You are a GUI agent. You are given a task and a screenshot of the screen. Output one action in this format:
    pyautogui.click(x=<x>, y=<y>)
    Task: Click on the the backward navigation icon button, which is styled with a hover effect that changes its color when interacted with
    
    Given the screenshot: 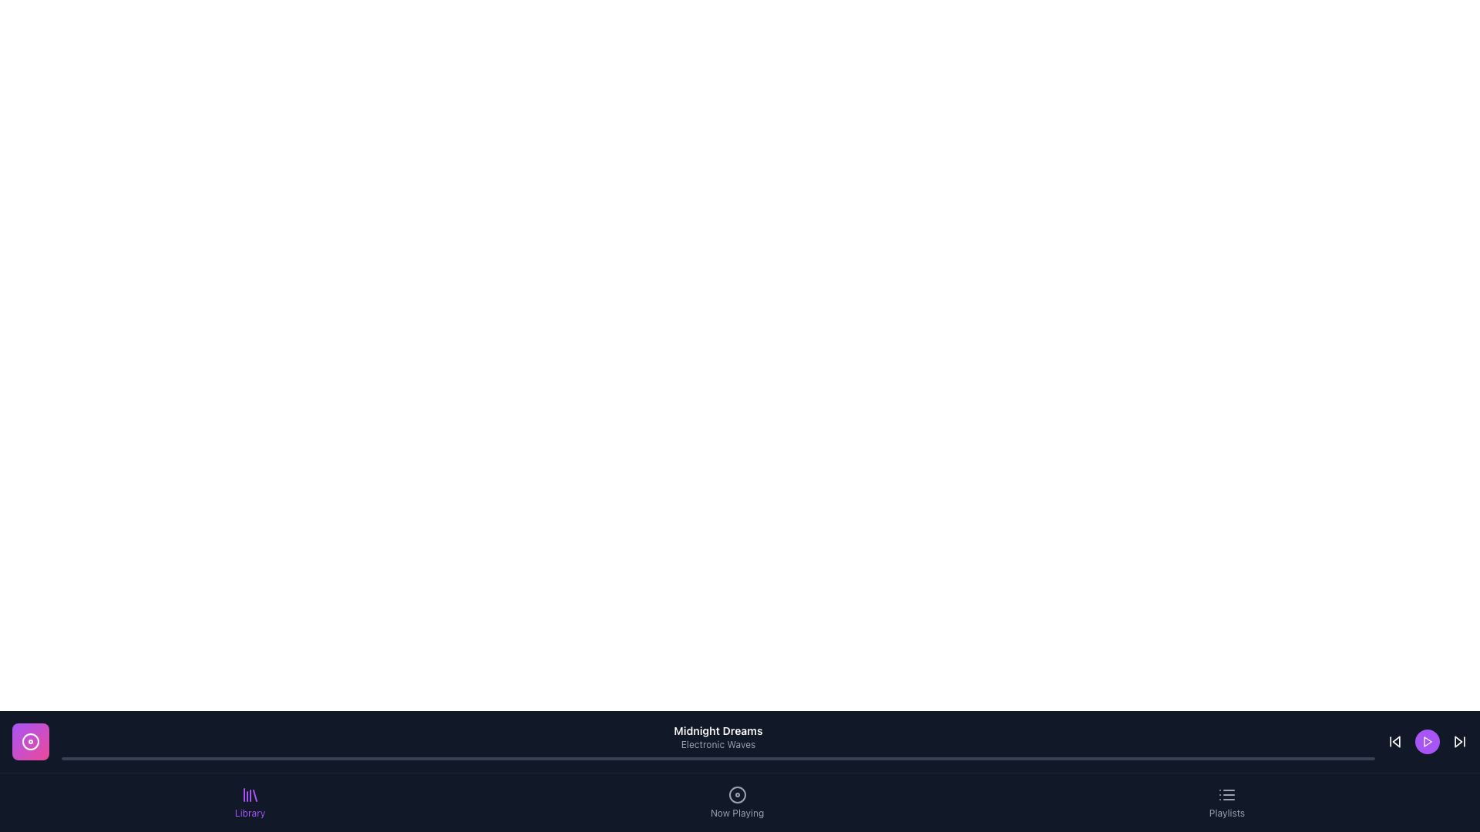 What is the action you would take?
    pyautogui.click(x=1394, y=741)
    